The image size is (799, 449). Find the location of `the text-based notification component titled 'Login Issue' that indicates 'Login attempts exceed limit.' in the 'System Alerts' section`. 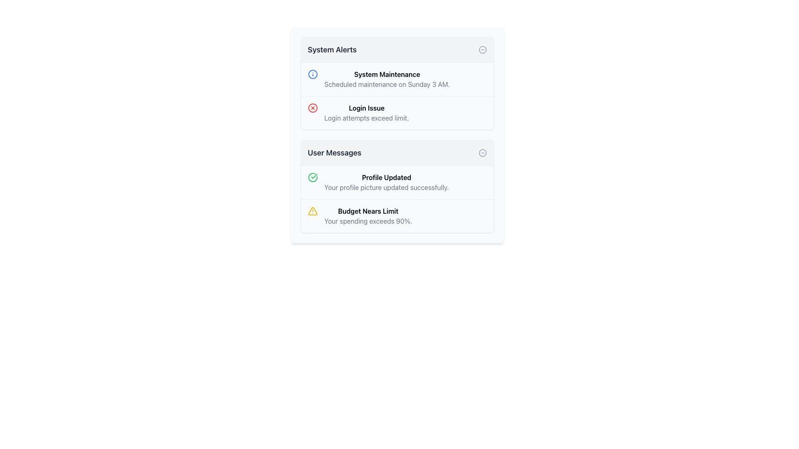

the text-based notification component titled 'Login Issue' that indicates 'Login attempts exceed limit.' in the 'System Alerts' section is located at coordinates (366, 113).